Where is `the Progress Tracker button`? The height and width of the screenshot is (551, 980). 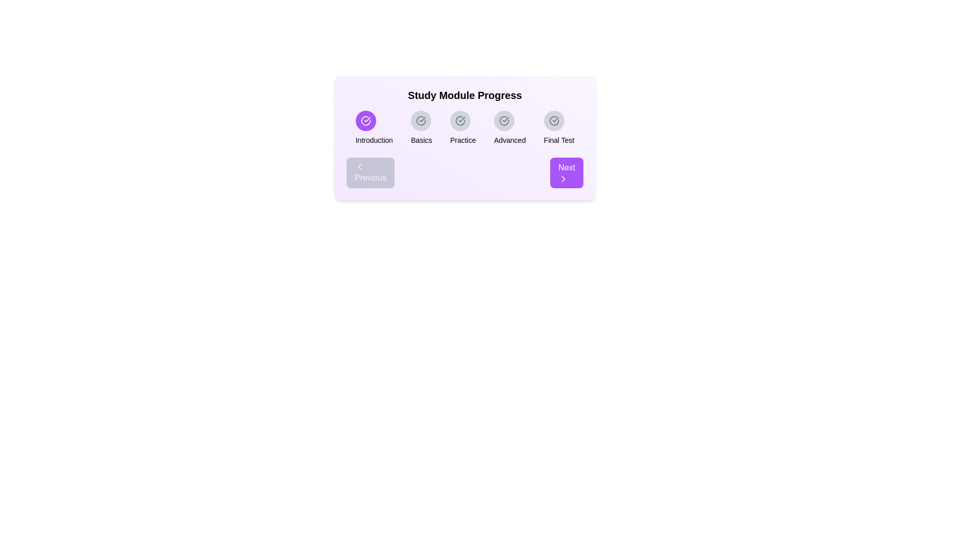 the Progress Tracker button is located at coordinates (464, 127).